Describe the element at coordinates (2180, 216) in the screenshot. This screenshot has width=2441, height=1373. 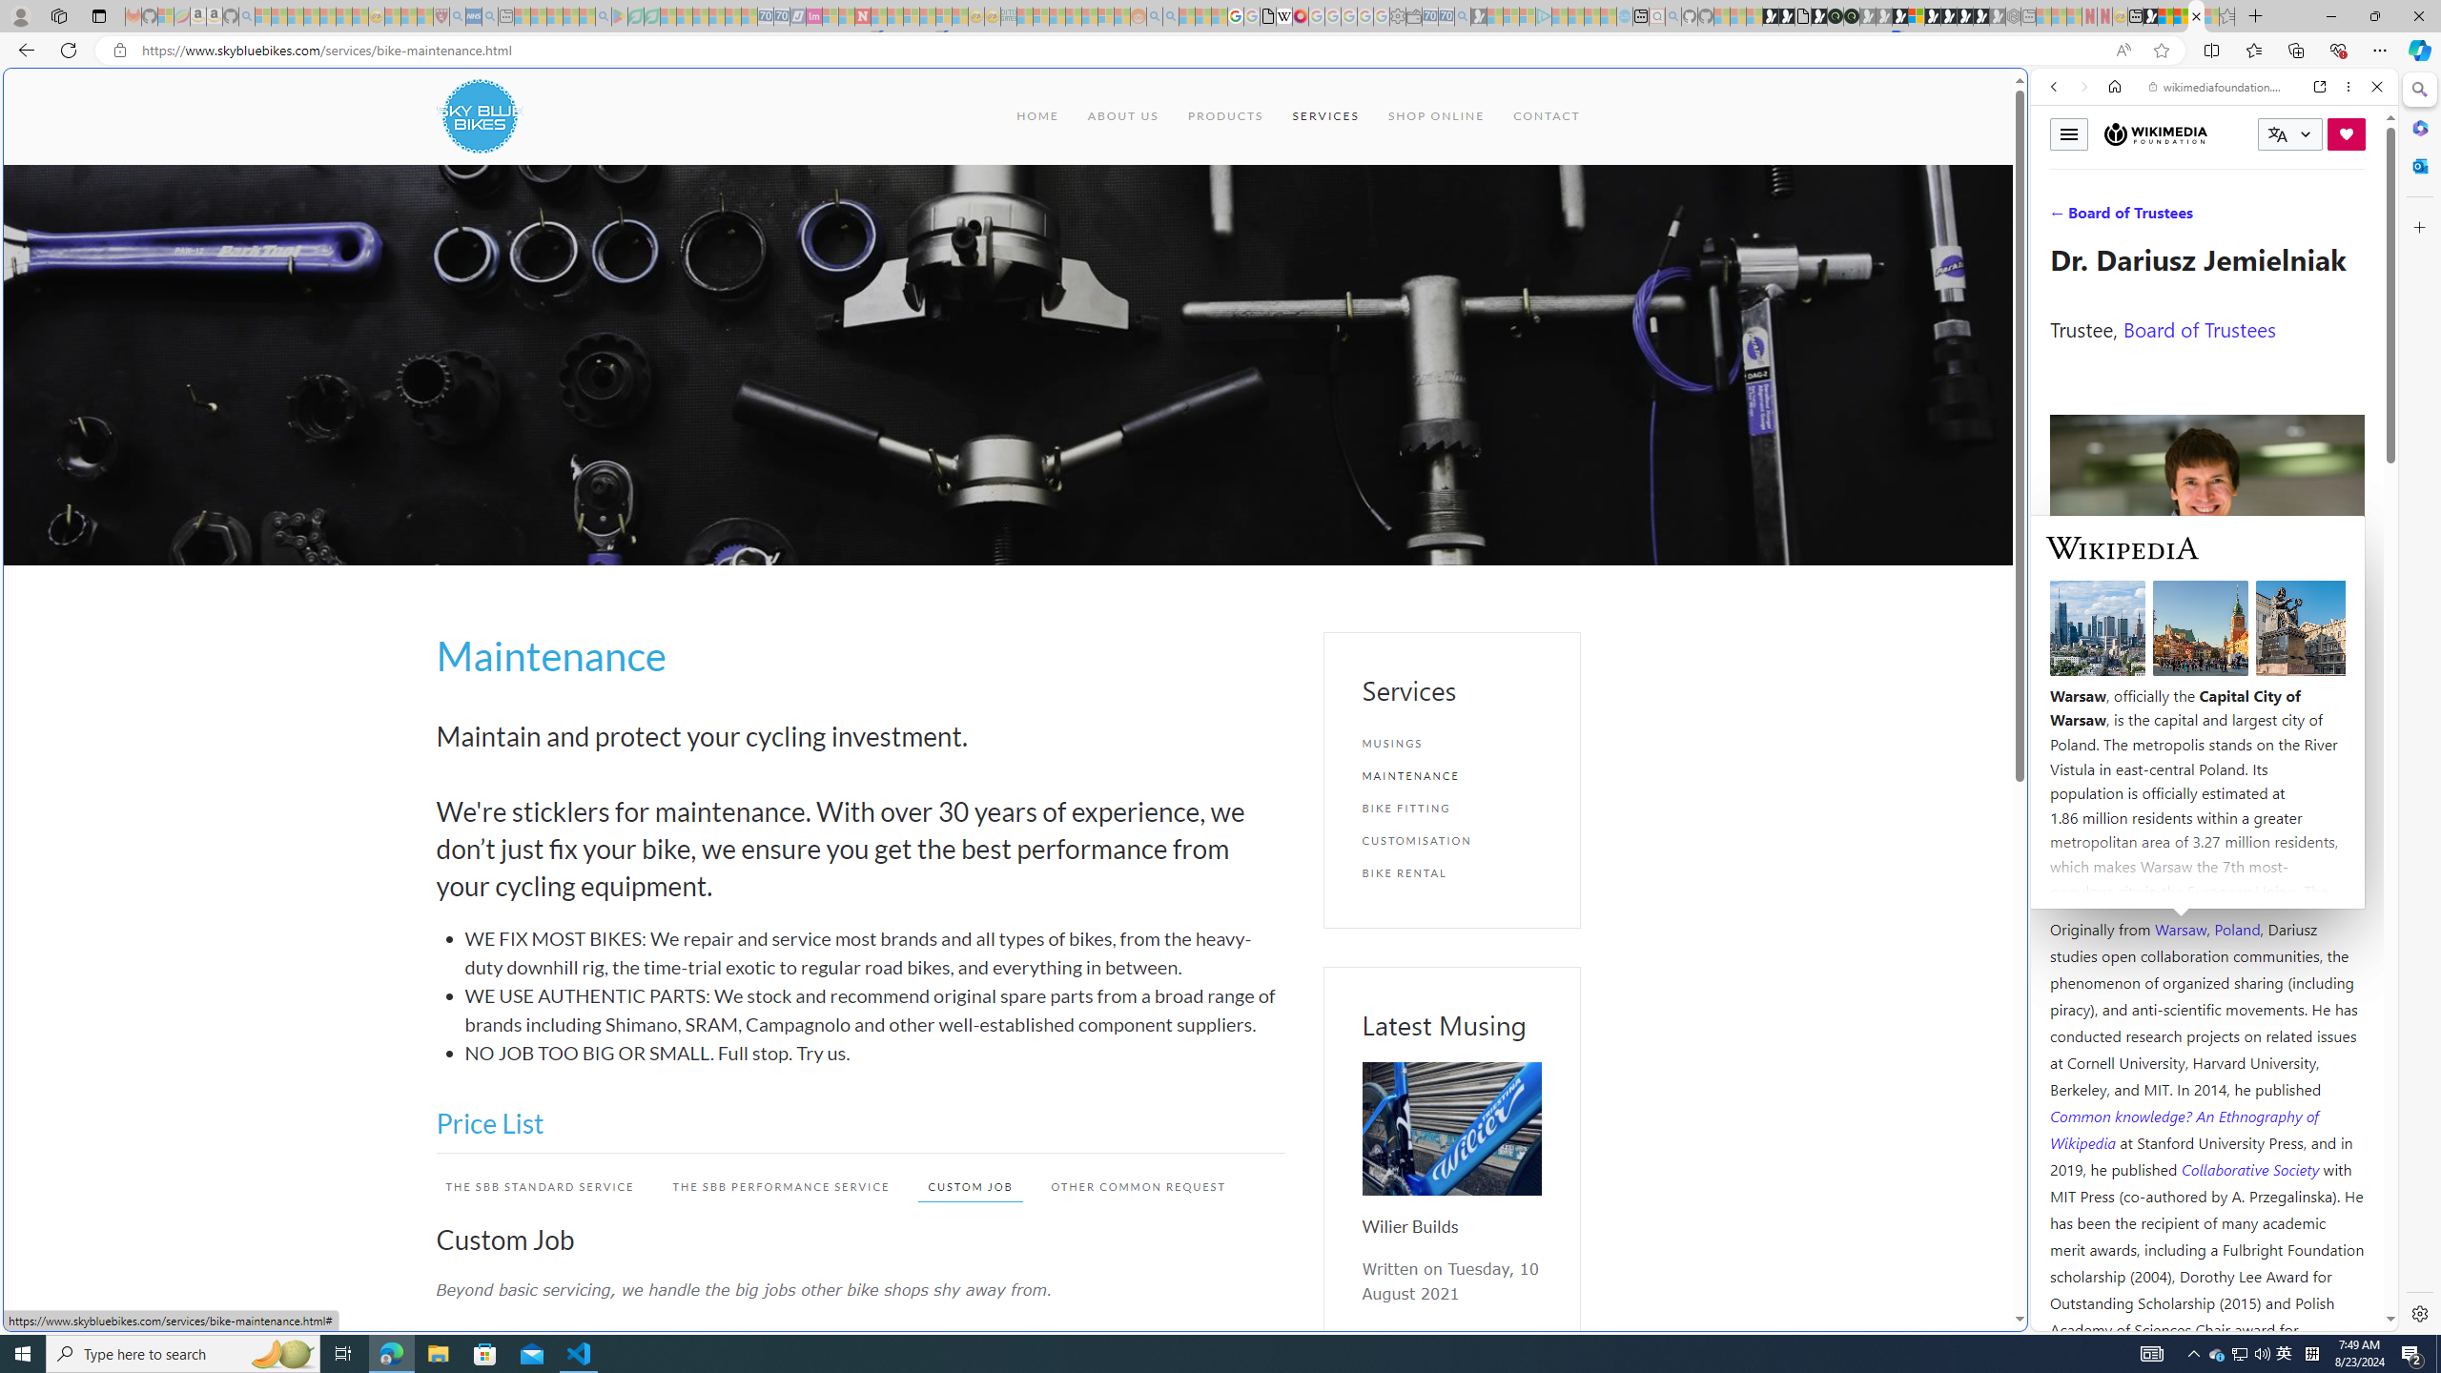
I see `'Search Filter, VIDEOS'` at that location.